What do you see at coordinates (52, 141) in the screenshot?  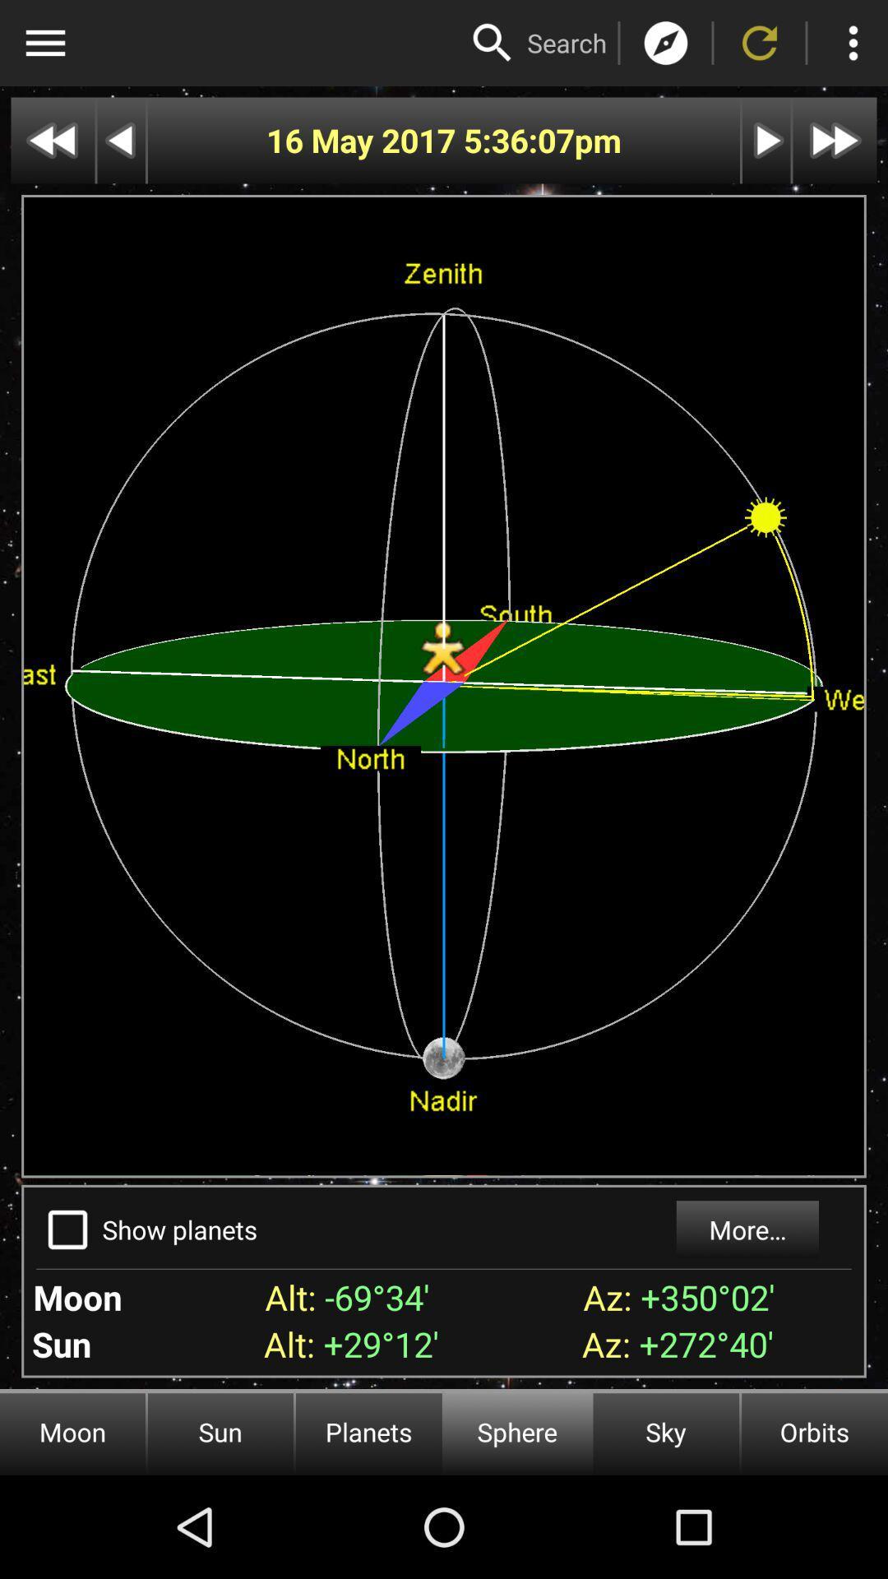 I see `previous` at bounding box center [52, 141].